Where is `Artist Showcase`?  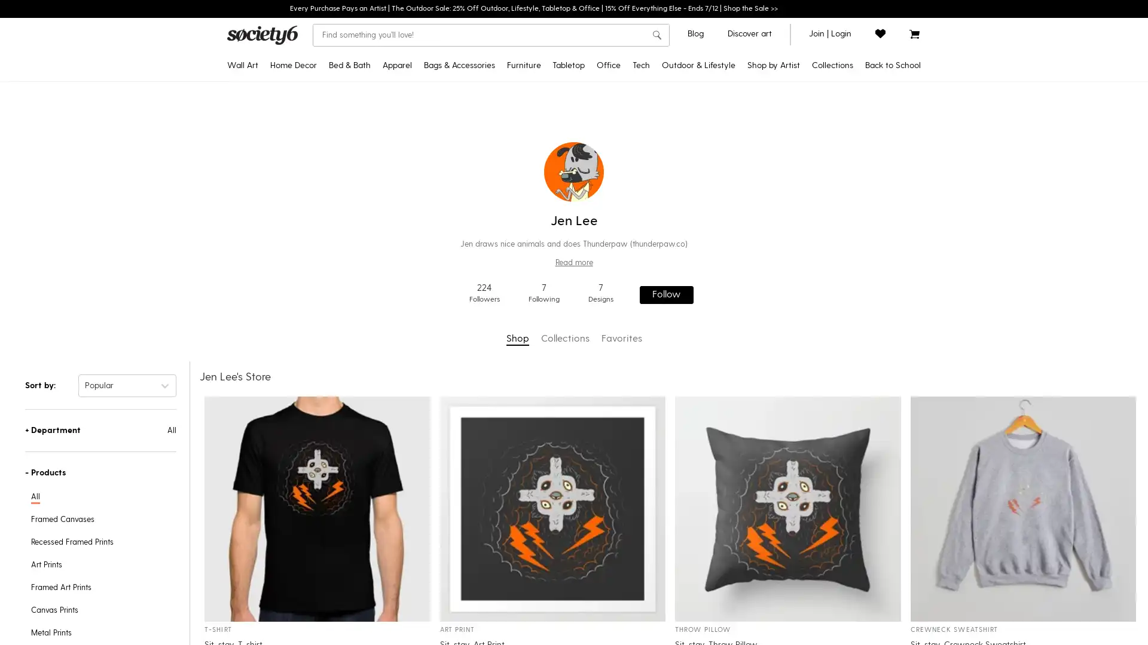
Artist Showcase is located at coordinates (741, 230).